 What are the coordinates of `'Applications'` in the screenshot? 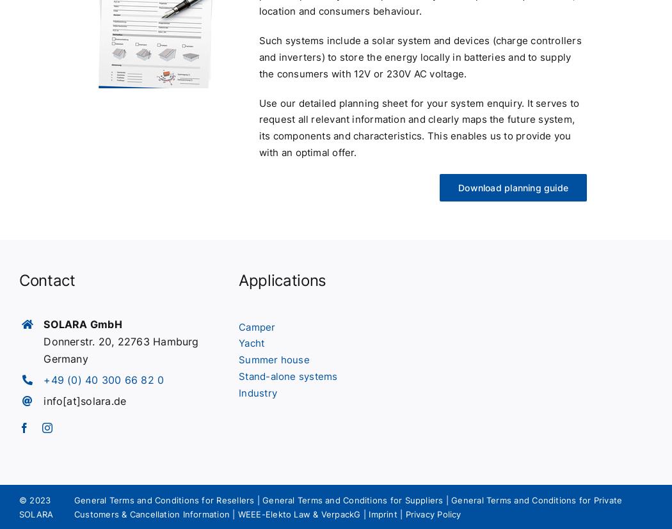 It's located at (282, 279).